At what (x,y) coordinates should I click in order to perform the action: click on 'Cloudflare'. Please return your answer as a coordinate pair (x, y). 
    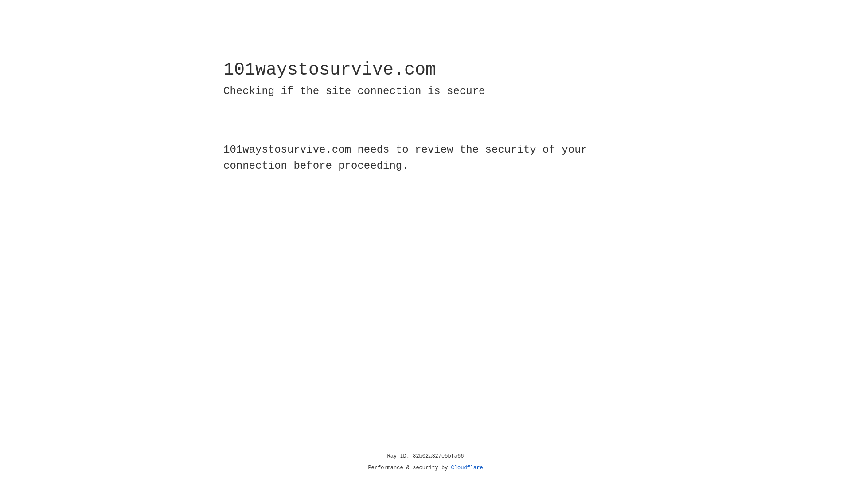
    Looking at the image, I should click on (467, 467).